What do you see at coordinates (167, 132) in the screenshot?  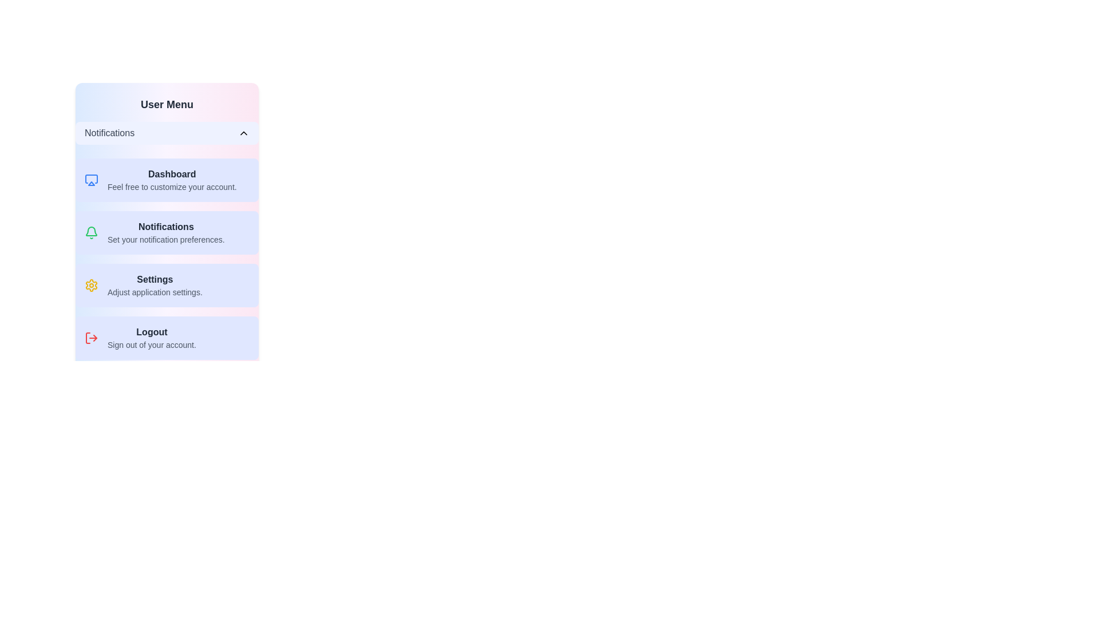 I see `the menu items to reveal their descriptions` at bounding box center [167, 132].